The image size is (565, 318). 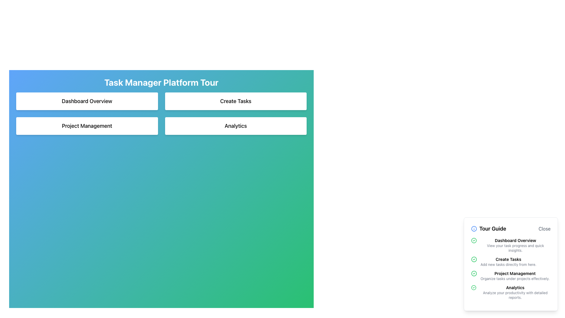 I want to click on the circular graphical shape element within the Tour Guide section, part of the blue info SVG icon, located to the left of the 'Tour Guide' title, so click(x=474, y=228).